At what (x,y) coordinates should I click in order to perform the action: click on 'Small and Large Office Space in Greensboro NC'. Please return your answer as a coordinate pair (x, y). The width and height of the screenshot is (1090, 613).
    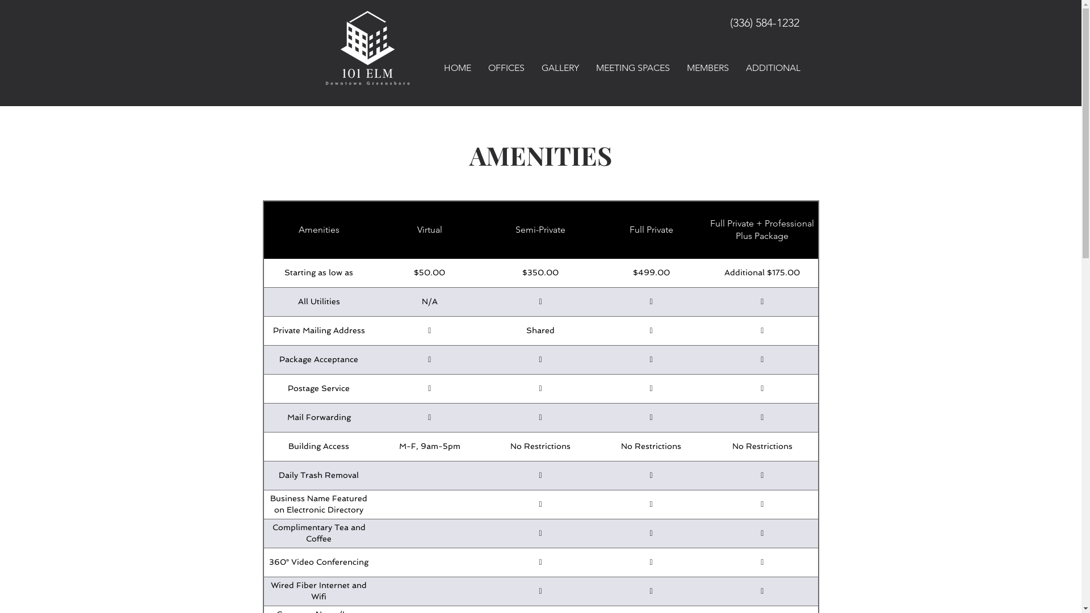
    Looking at the image, I should click on (368, 47).